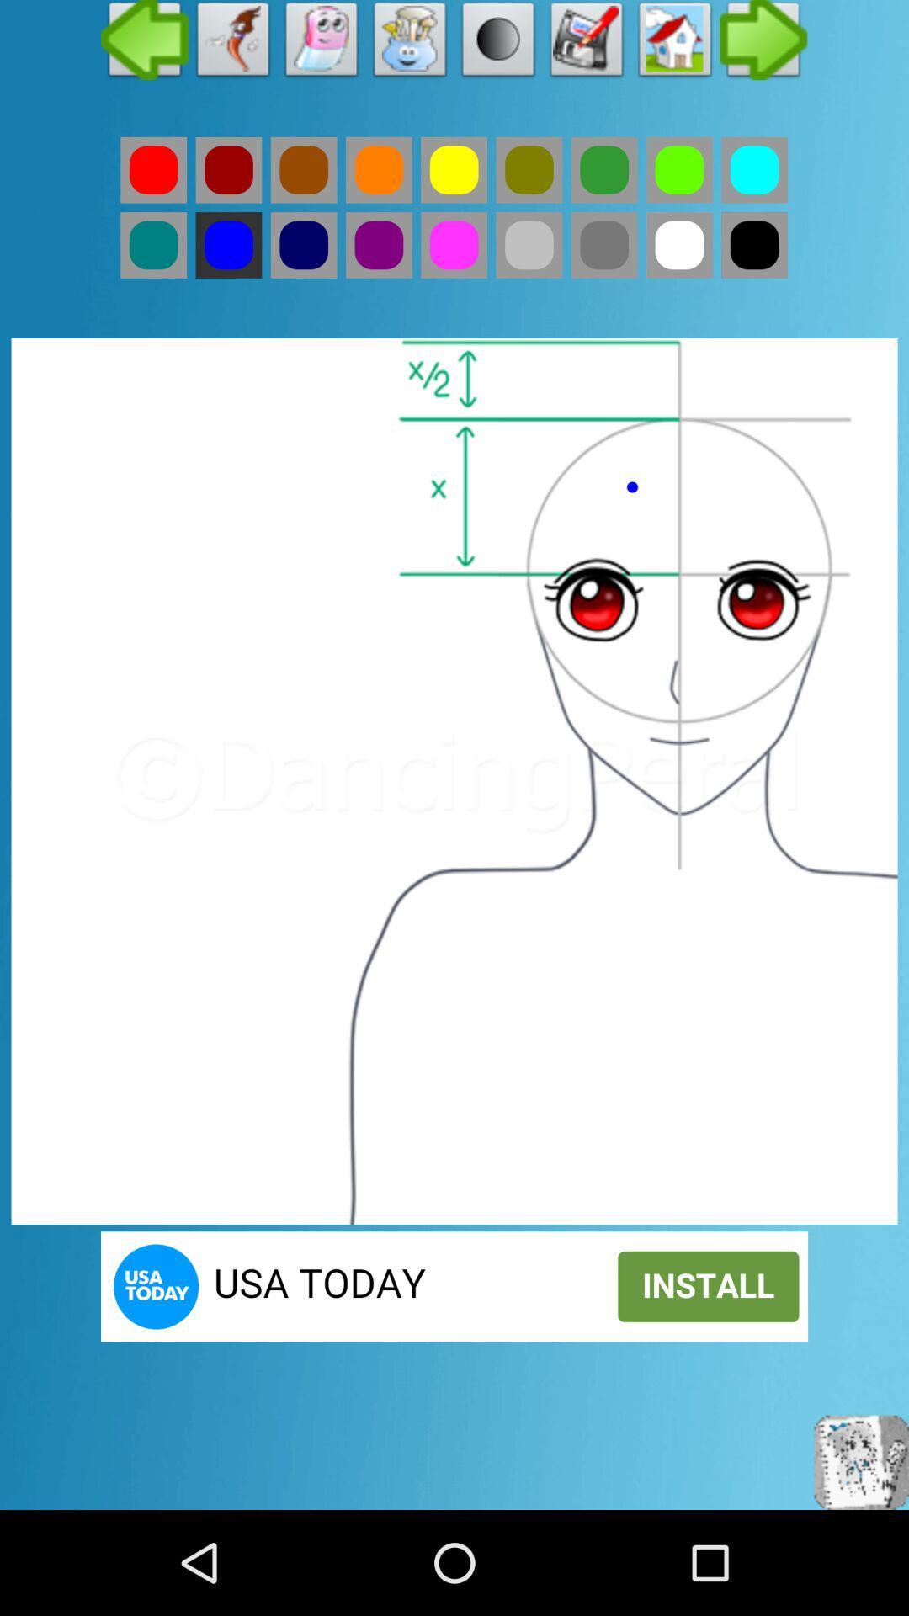  Describe the element at coordinates (153, 244) in the screenshot. I see `color choice` at that location.